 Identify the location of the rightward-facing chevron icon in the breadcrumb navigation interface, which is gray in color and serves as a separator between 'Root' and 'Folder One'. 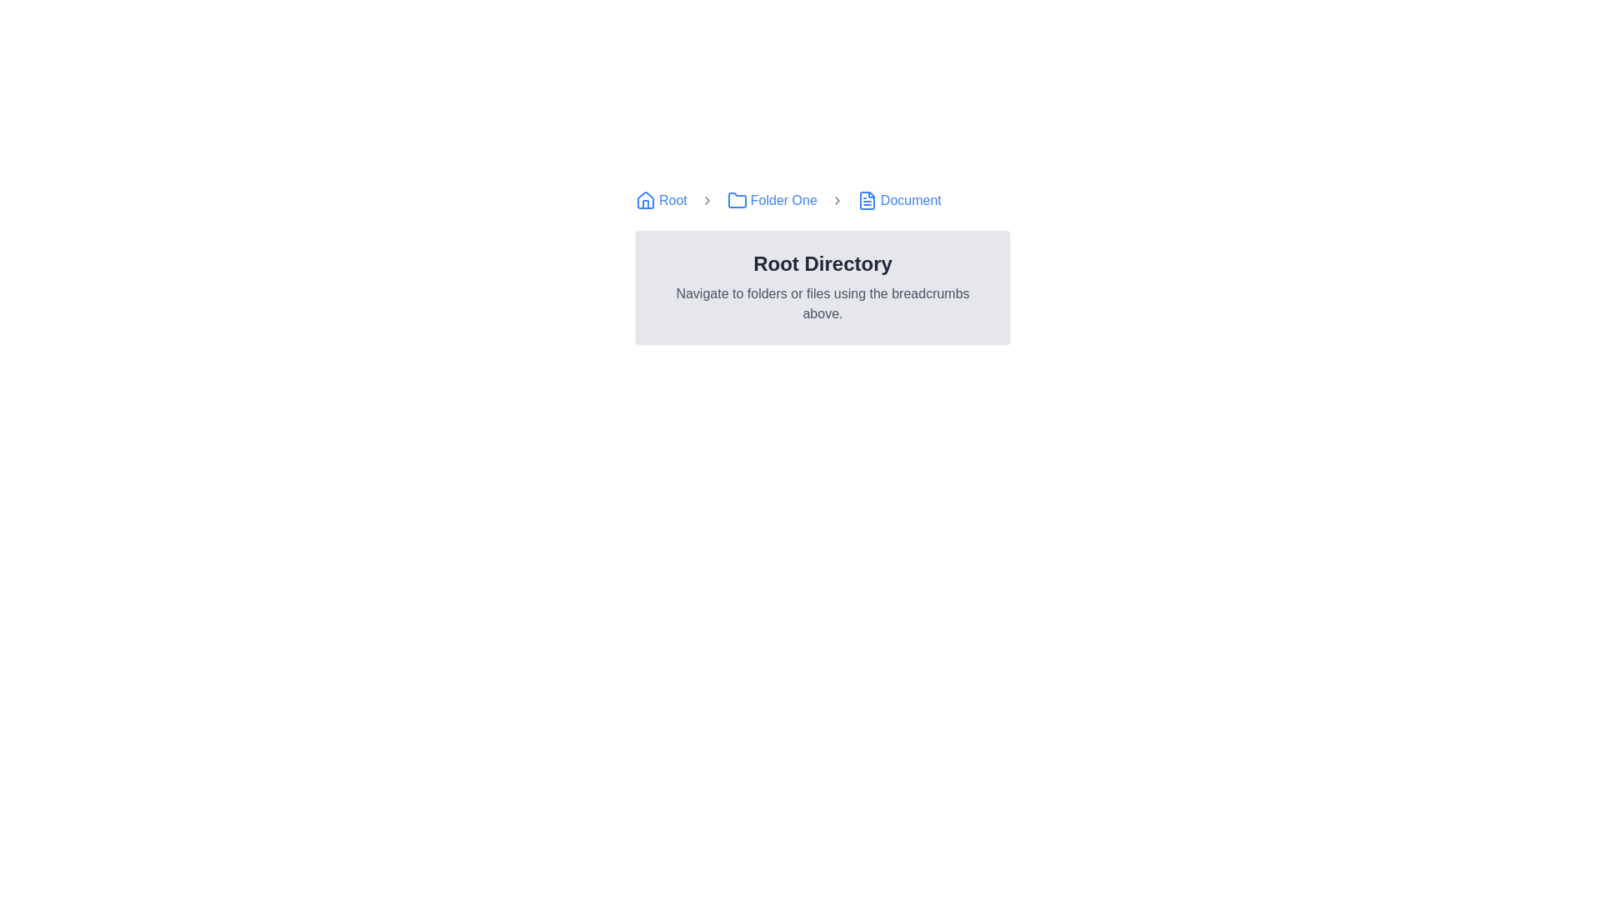
(707, 199).